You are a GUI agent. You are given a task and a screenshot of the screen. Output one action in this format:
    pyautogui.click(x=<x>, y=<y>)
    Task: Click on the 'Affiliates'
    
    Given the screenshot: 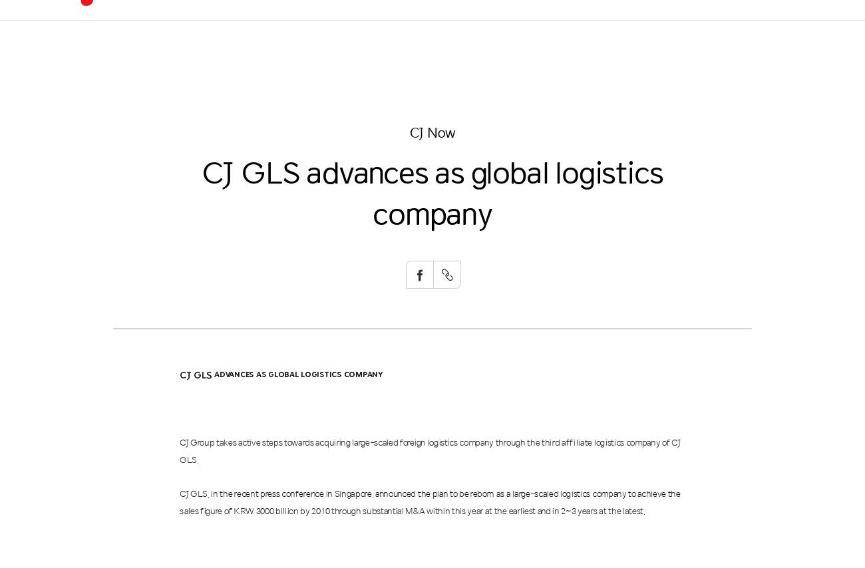 What is the action you would take?
    pyautogui.click(x=576, y=129)
    